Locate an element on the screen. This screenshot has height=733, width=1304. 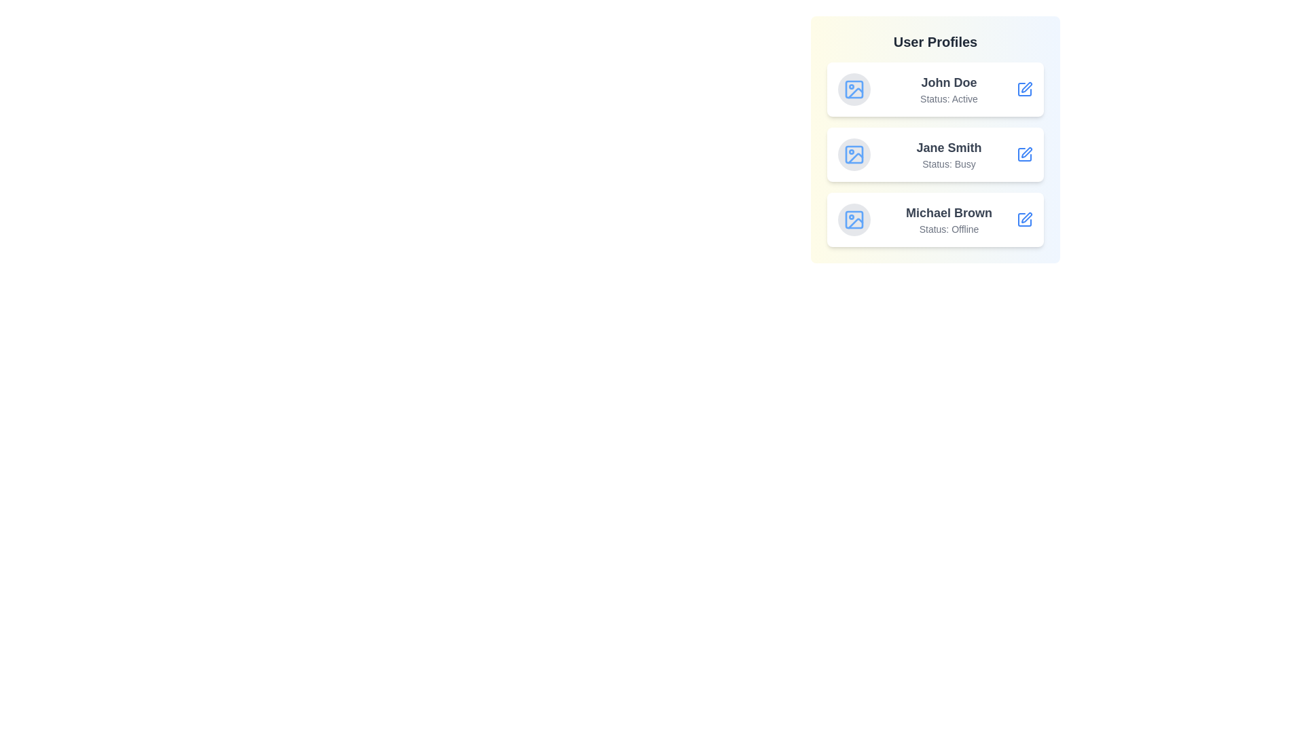
the profile view button for Michael Brown is located at coordinates (1024, 219).